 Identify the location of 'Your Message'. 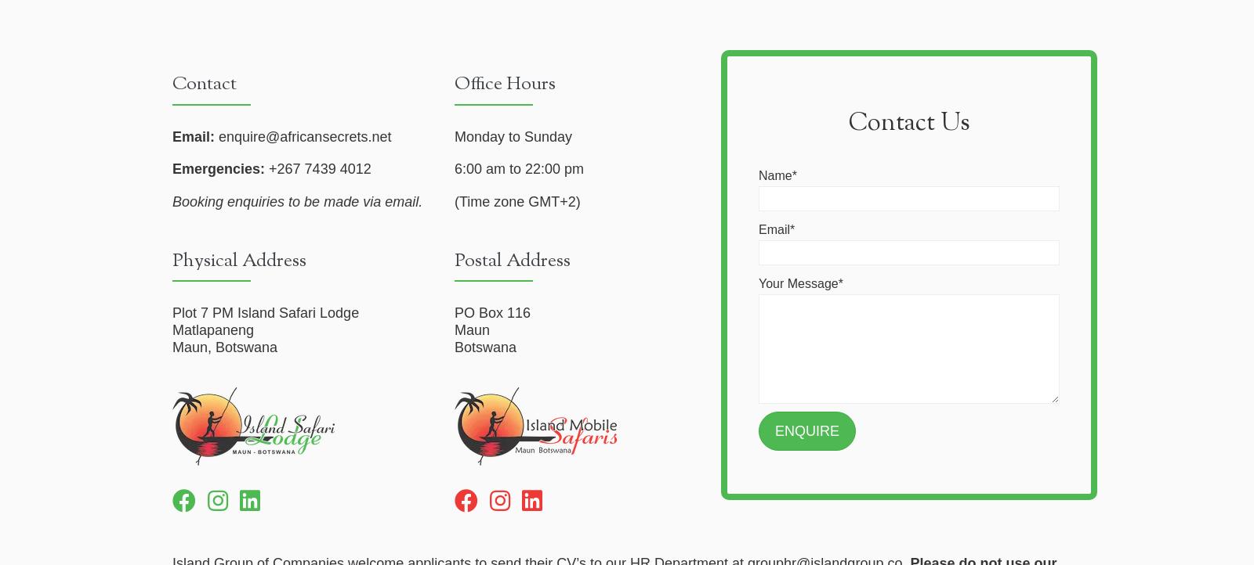
(758, 283).